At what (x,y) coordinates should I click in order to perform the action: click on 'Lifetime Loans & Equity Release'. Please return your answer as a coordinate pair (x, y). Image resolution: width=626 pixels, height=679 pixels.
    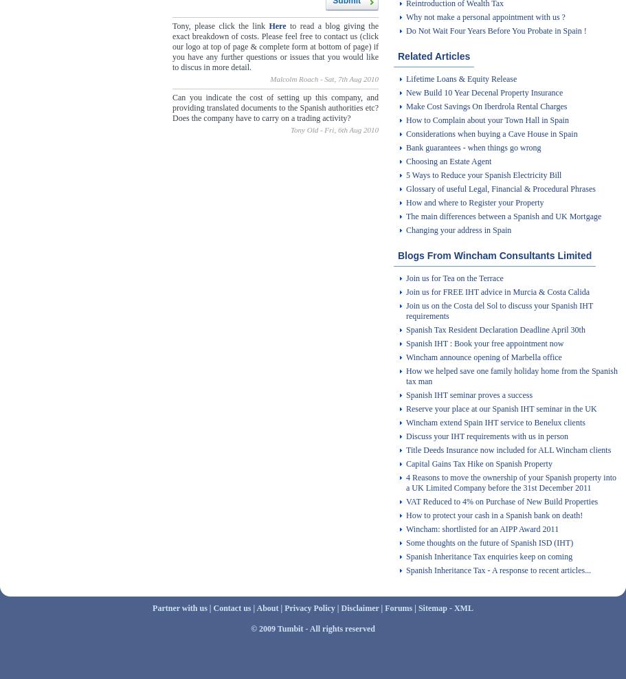
    Looking at the image, I should click on (460, 79).